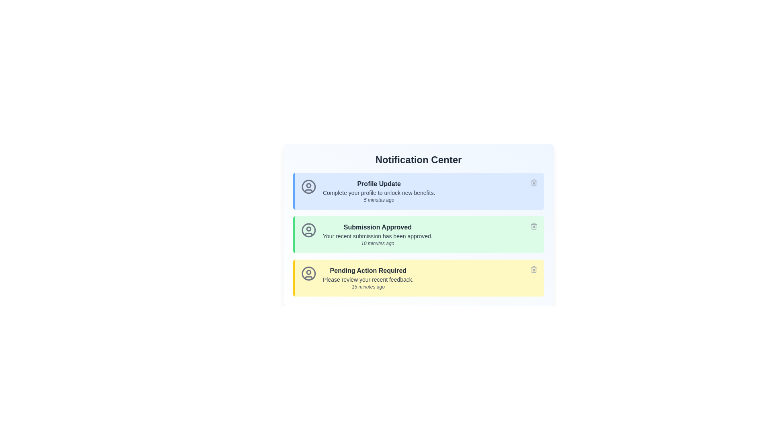 The image size is (772, 434). I want to click on the timestamp text label located beneath the message 'Please review your recent feedback.' in the third notification section, within the yellow-background area, so click(368, 286).